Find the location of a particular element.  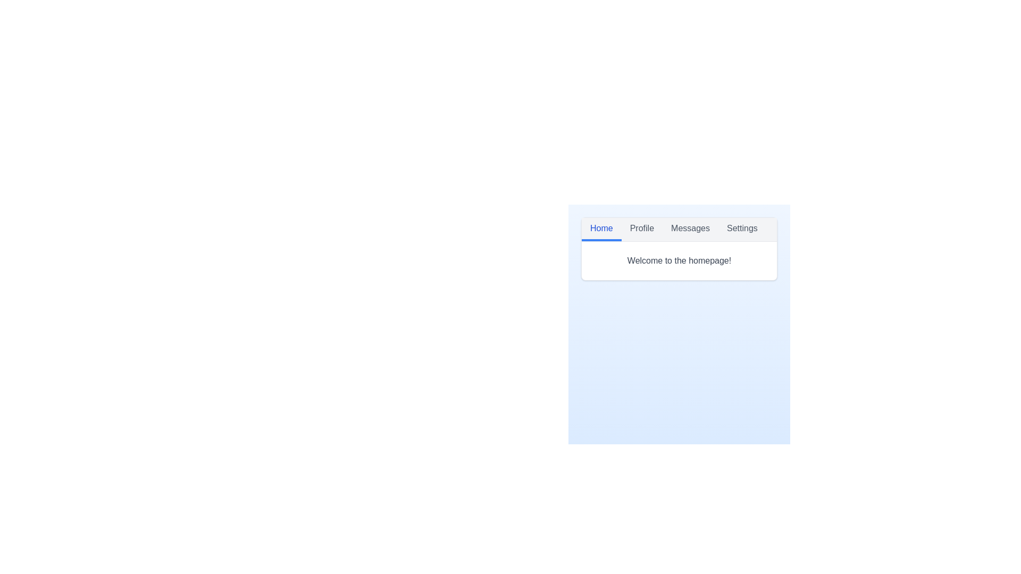

welcome message text content located below the navigation bar on the homepage, which introduces users to the primary content is located at coordinates (679, 260).